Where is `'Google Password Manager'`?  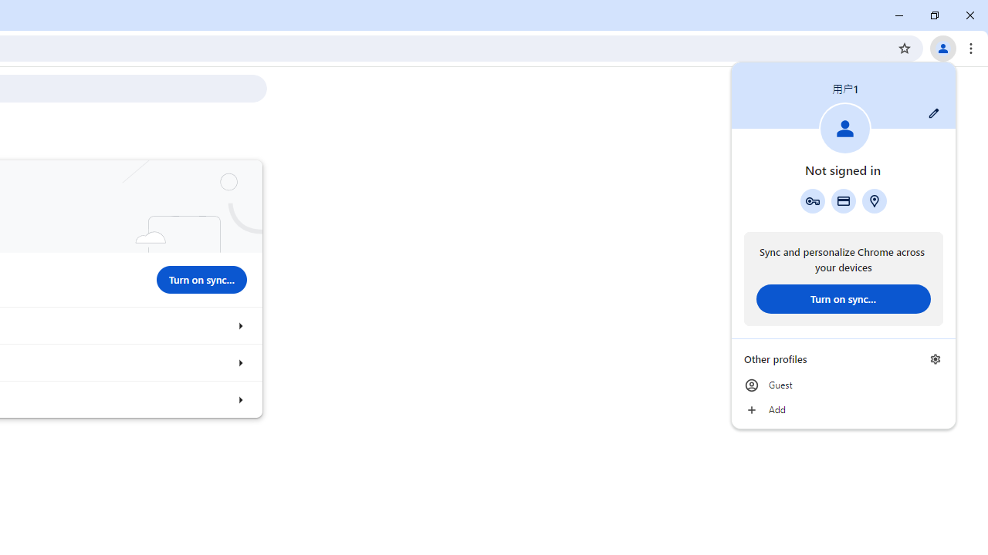 'Google Password Manager' is located at coordinates (811, 200).